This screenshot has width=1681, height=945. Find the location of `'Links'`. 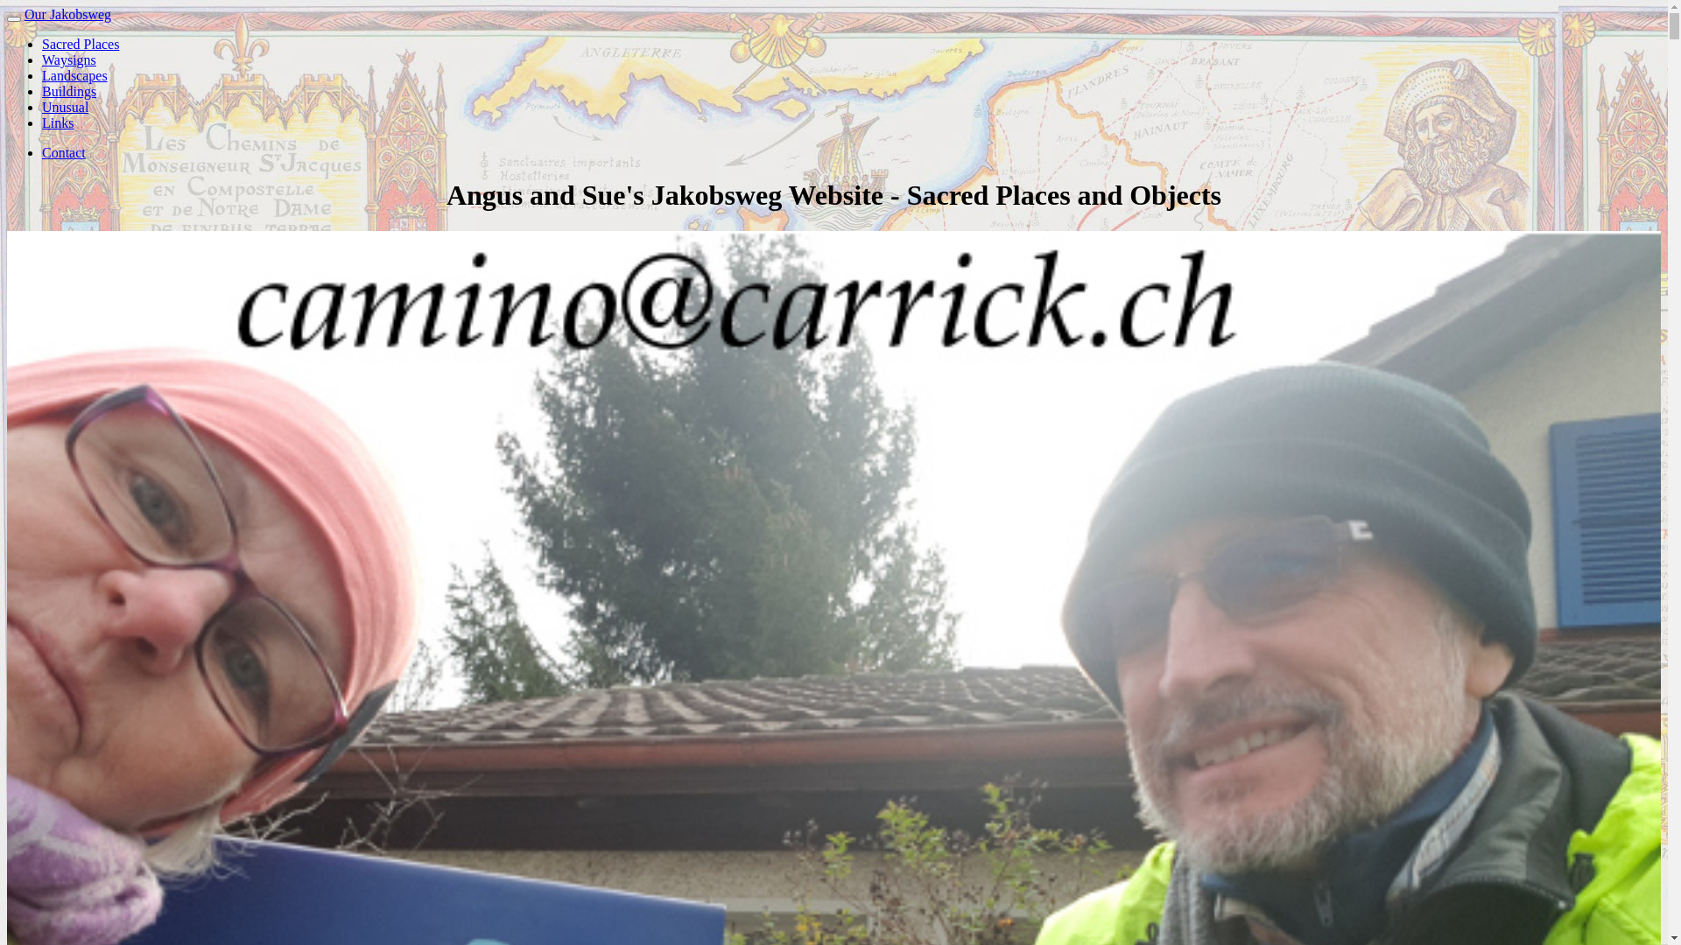

'Links' is located at coordinates (58, 122).